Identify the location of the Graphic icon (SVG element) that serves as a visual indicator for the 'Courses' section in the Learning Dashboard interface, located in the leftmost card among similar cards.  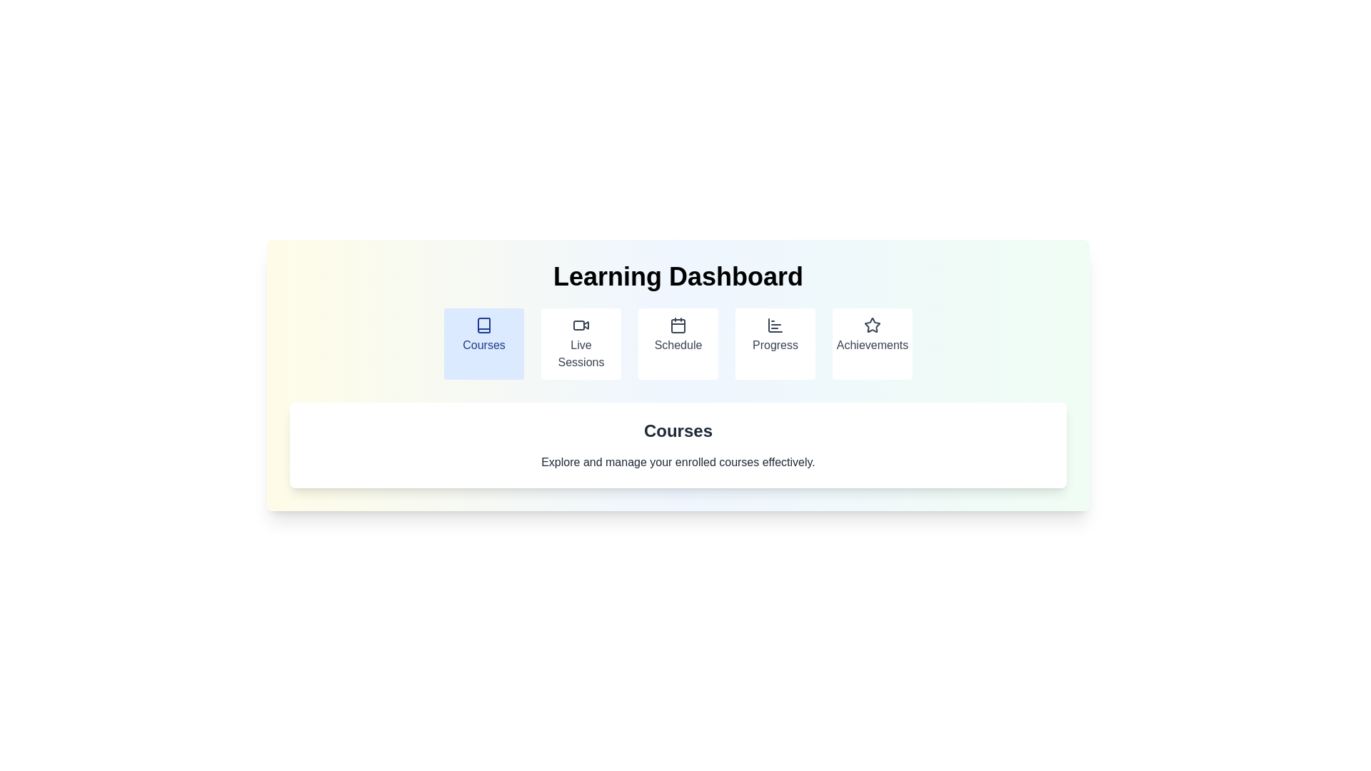
(483, 325).